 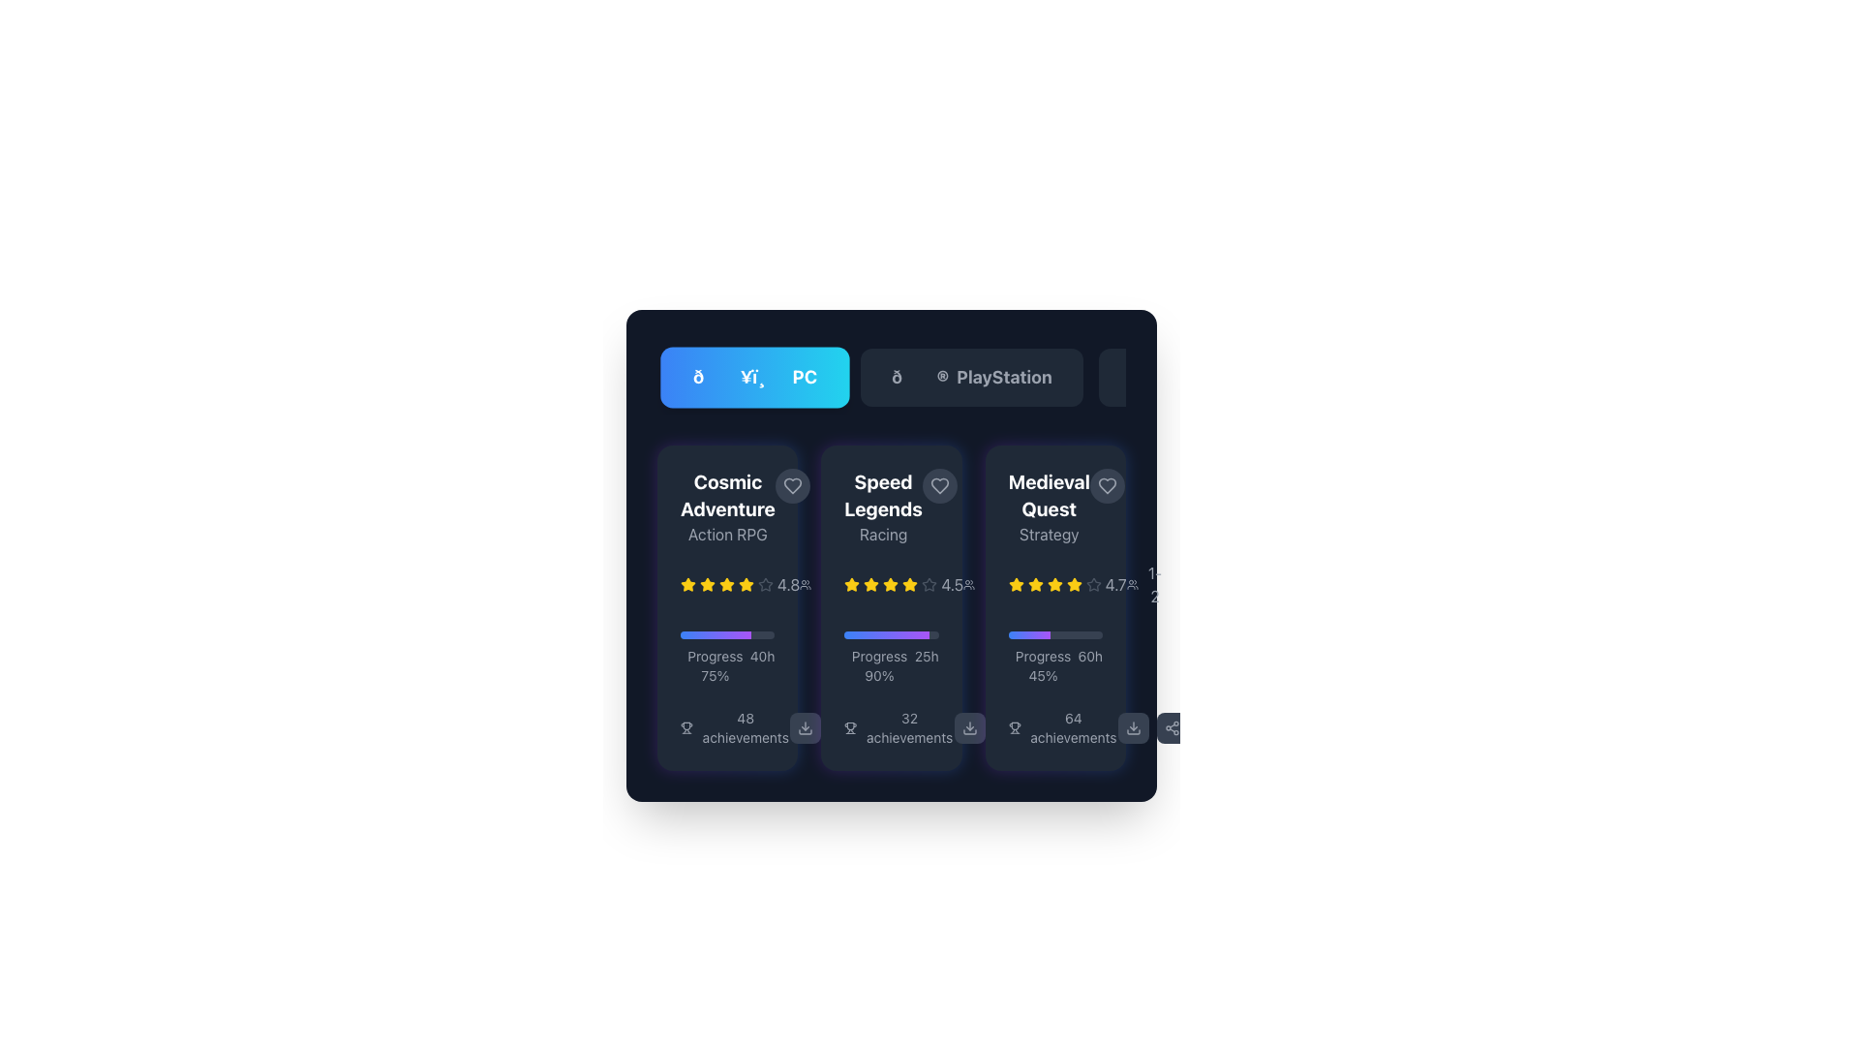 I want to click on the 'Medieval Quest' game information card, which is the third card in a series of three, so click(x=1054, y=607).